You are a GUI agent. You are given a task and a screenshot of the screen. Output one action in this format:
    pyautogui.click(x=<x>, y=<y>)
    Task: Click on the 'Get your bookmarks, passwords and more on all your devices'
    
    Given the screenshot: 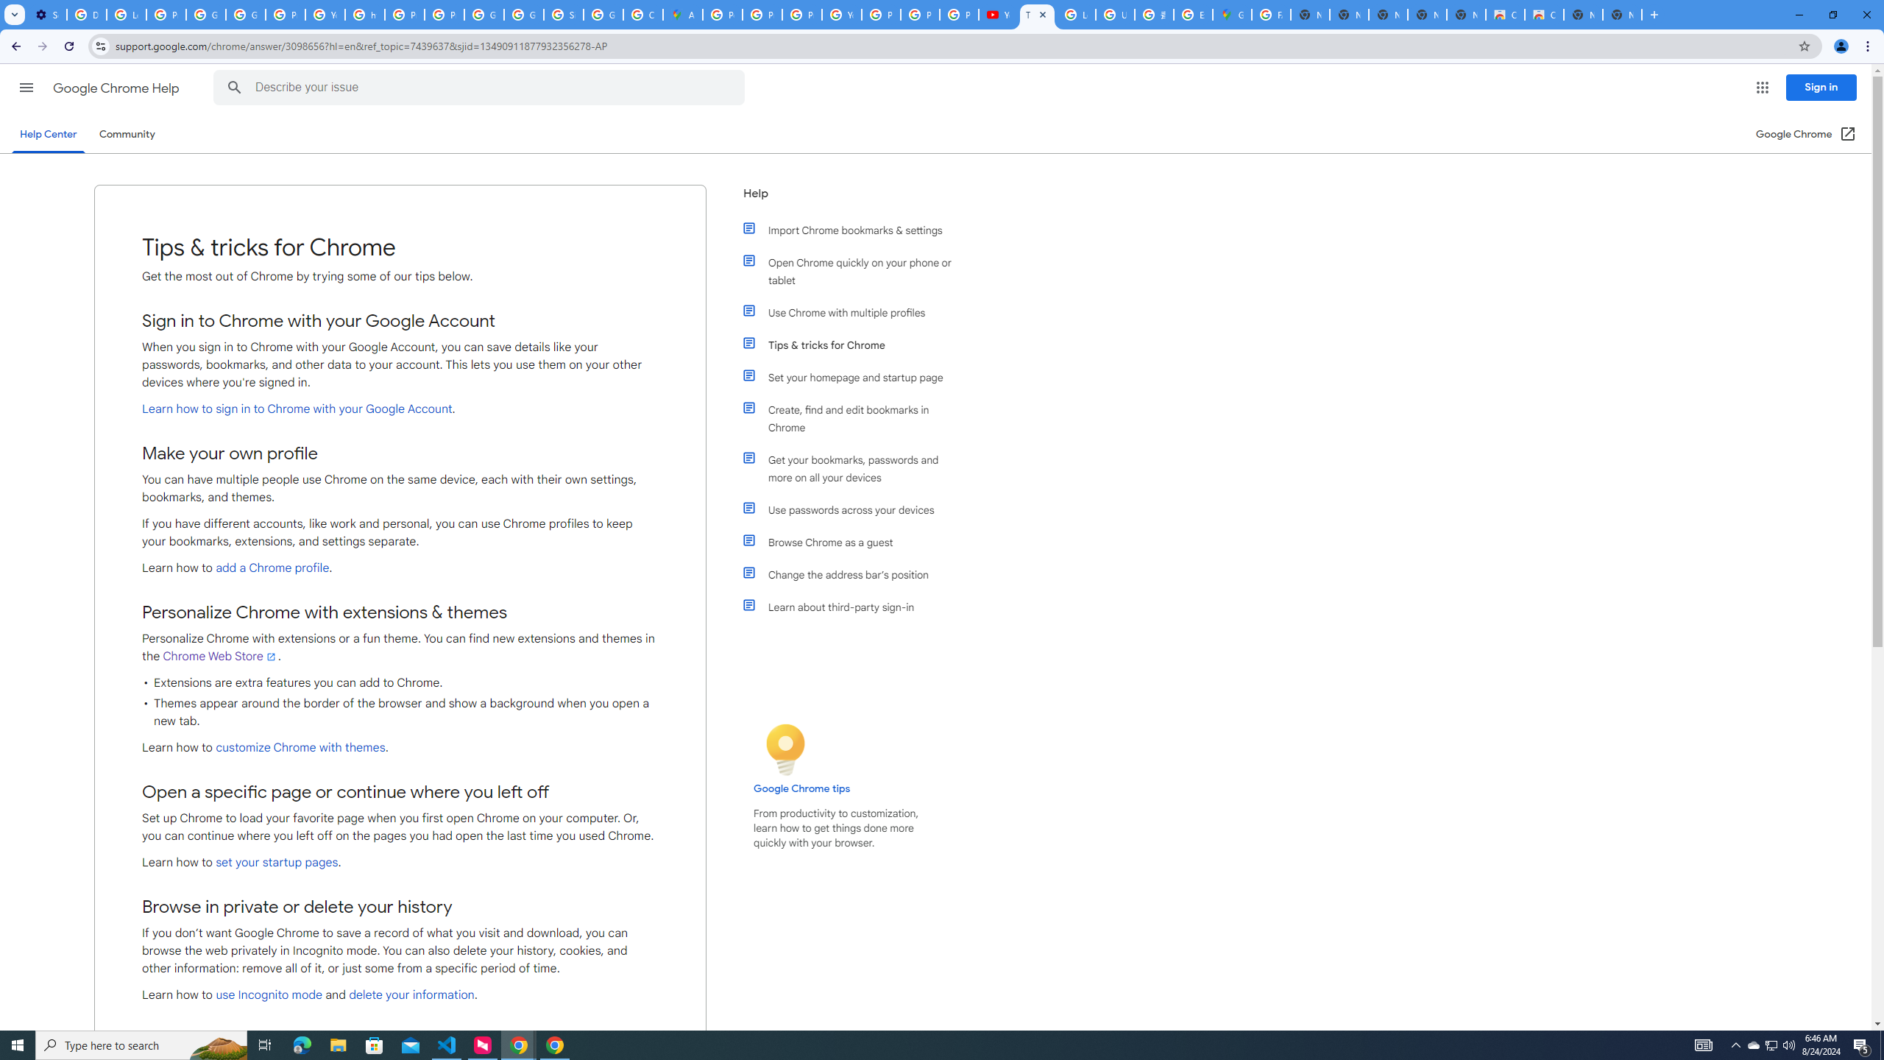 What is the action you would take?
    pyautogui.click(x=855, y=468)
    